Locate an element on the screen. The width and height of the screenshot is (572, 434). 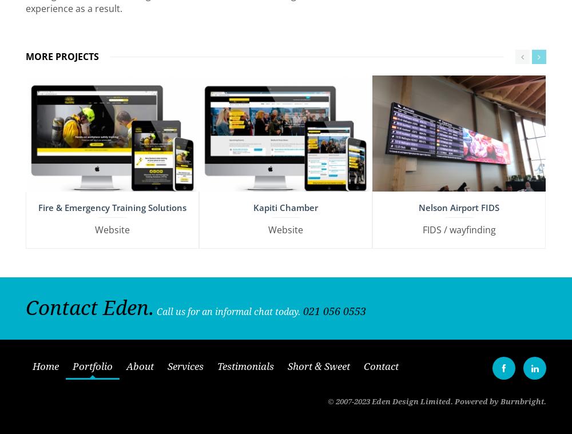
'Kapiti Chamber' is located at coordinates (285, 202).